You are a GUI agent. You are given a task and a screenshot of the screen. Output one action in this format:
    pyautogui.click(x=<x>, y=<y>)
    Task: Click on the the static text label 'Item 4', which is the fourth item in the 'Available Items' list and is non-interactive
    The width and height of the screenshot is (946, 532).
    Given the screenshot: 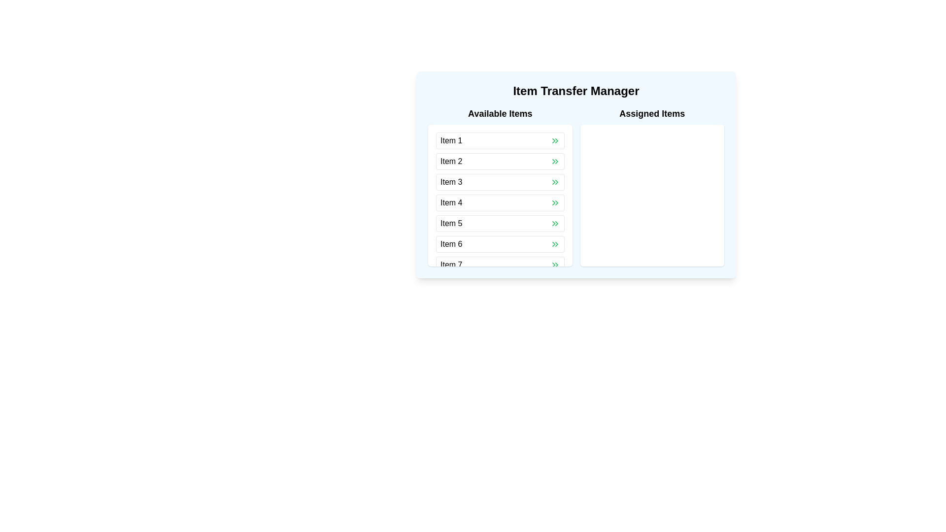 What is the action you would take?
    pyautogui.click(x=451, y=202)
    